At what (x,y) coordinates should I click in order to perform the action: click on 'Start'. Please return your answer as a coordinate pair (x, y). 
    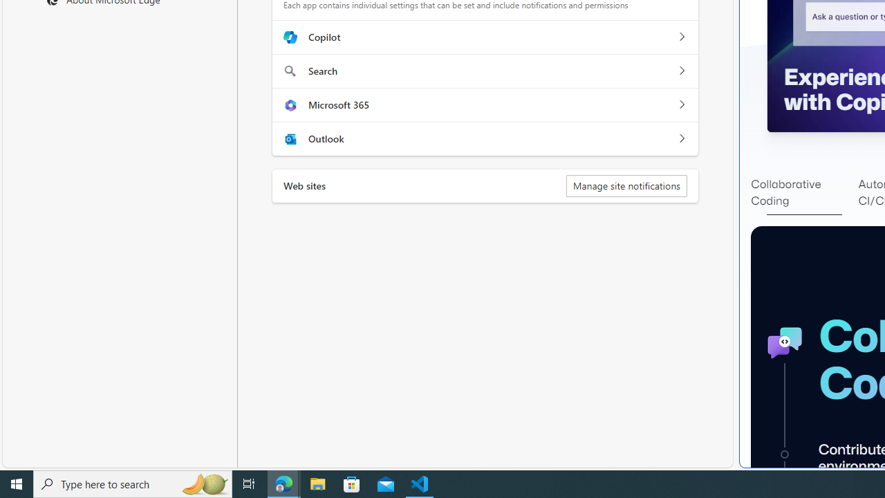
    Looking at the image, I should click on (17, 483).